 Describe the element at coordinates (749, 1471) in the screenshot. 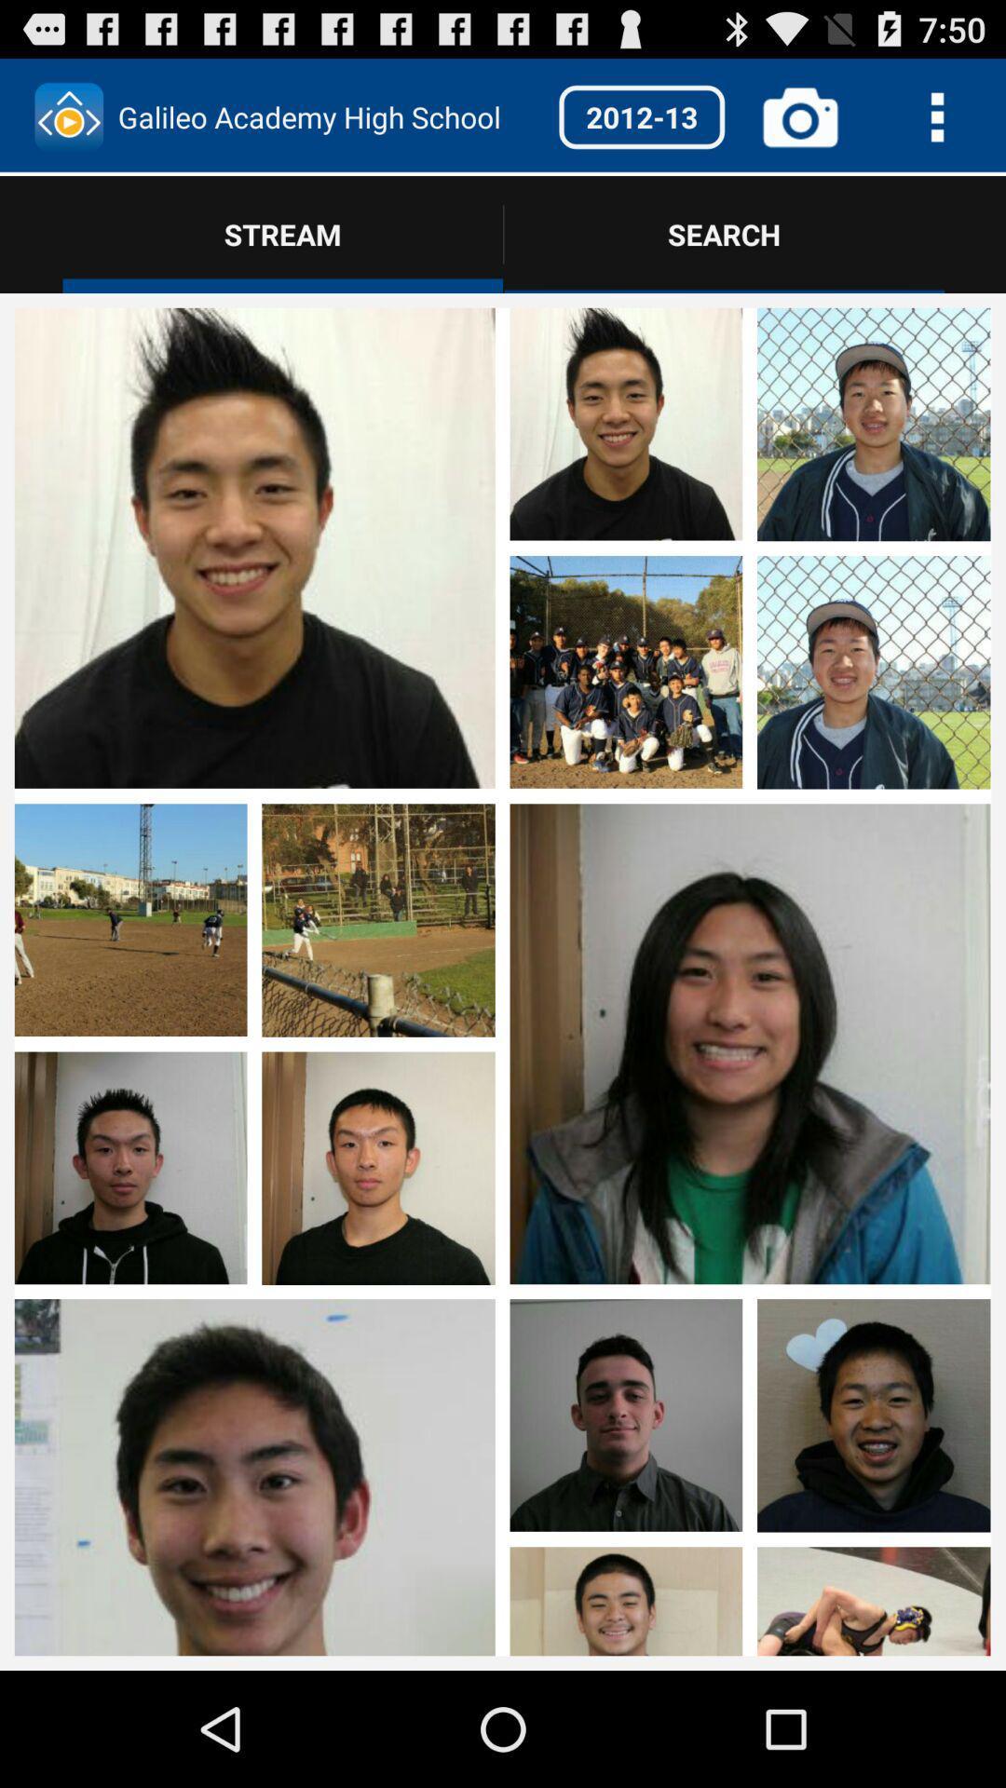

I see `the image` at that location.